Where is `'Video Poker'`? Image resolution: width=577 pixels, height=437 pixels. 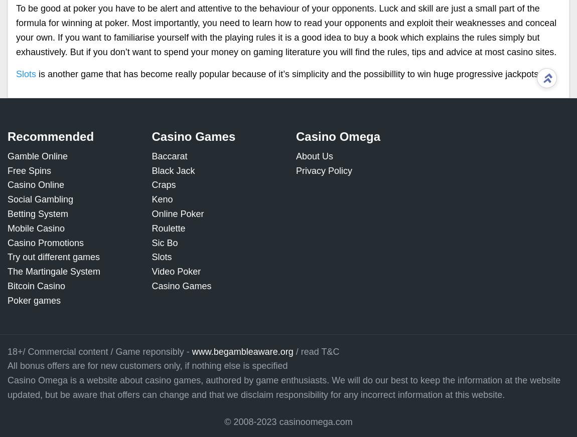
'Video Poker' is located at coordinates (176, 271).